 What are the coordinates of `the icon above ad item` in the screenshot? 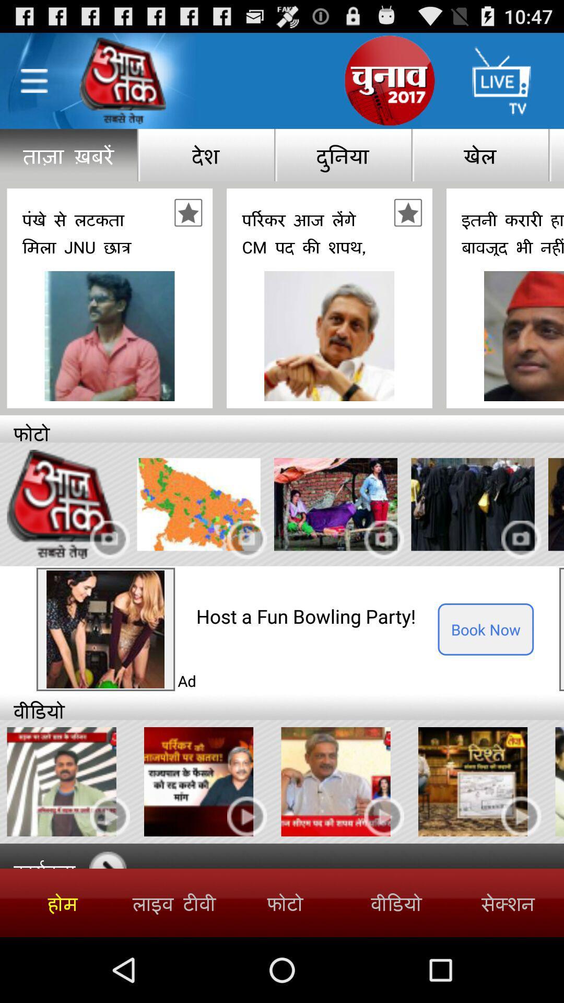 It's located at (316, 616).